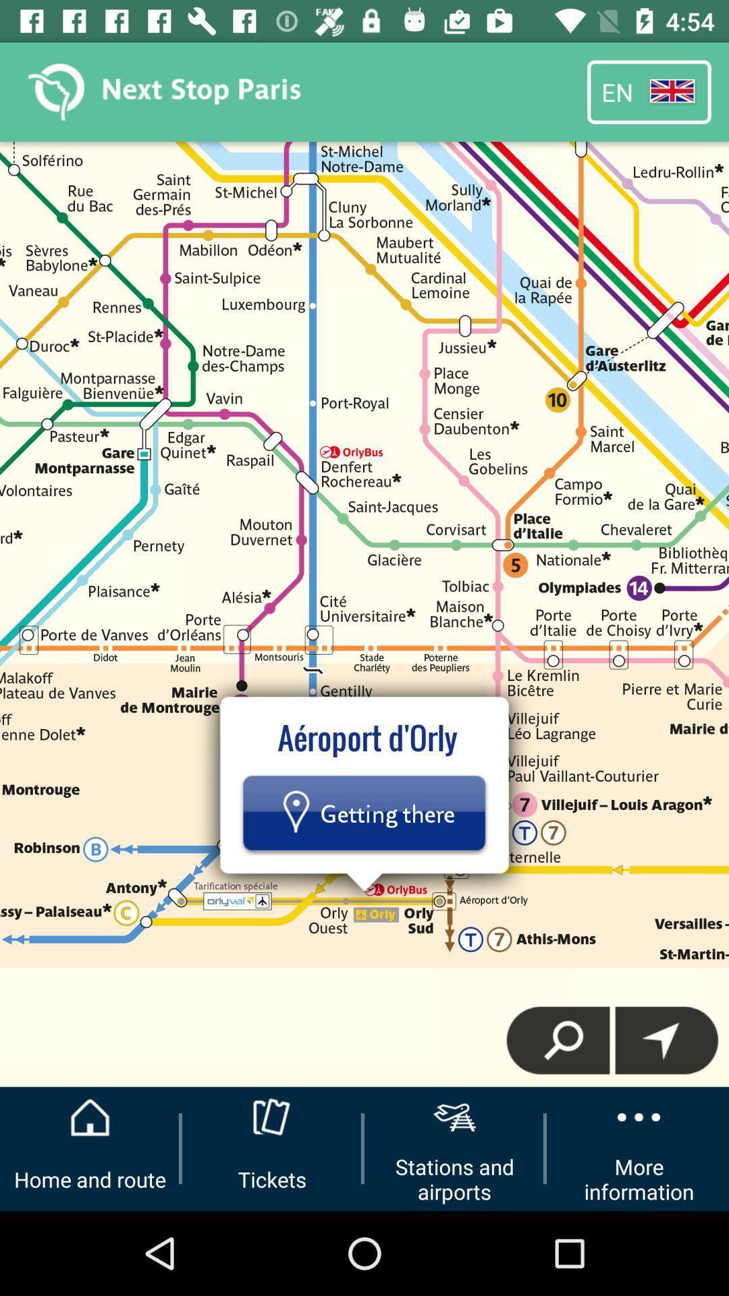 This screenshot has height=1296, width=729. What do you see at coordinates (363, 812) in the screenshot?
I see `the getting there icon` at bounding box center [363, 812].